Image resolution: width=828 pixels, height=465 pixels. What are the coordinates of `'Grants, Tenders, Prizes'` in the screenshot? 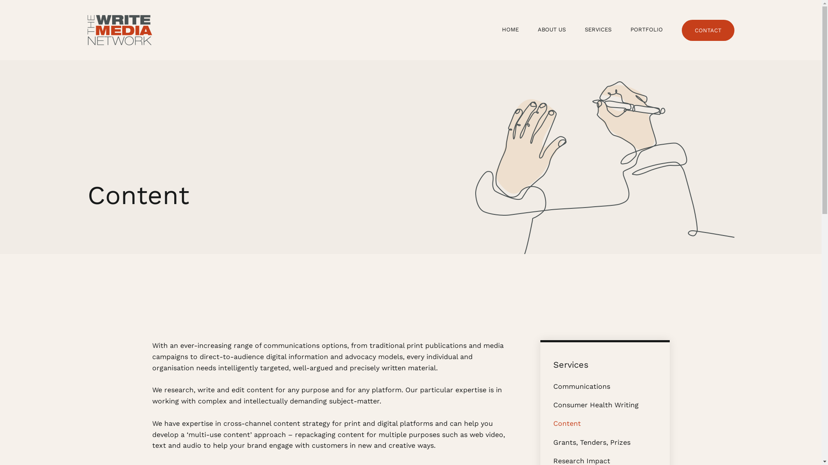 It's located at (591, 442).